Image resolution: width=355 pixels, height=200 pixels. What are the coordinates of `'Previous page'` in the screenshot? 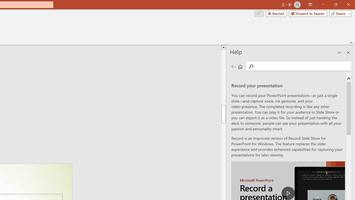 It's located at (233, 66).